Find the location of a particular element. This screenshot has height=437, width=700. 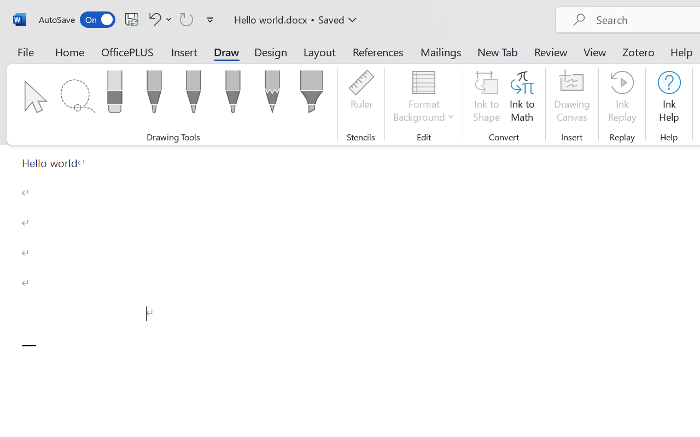

'Layout' is located at coordinates (319, 51).